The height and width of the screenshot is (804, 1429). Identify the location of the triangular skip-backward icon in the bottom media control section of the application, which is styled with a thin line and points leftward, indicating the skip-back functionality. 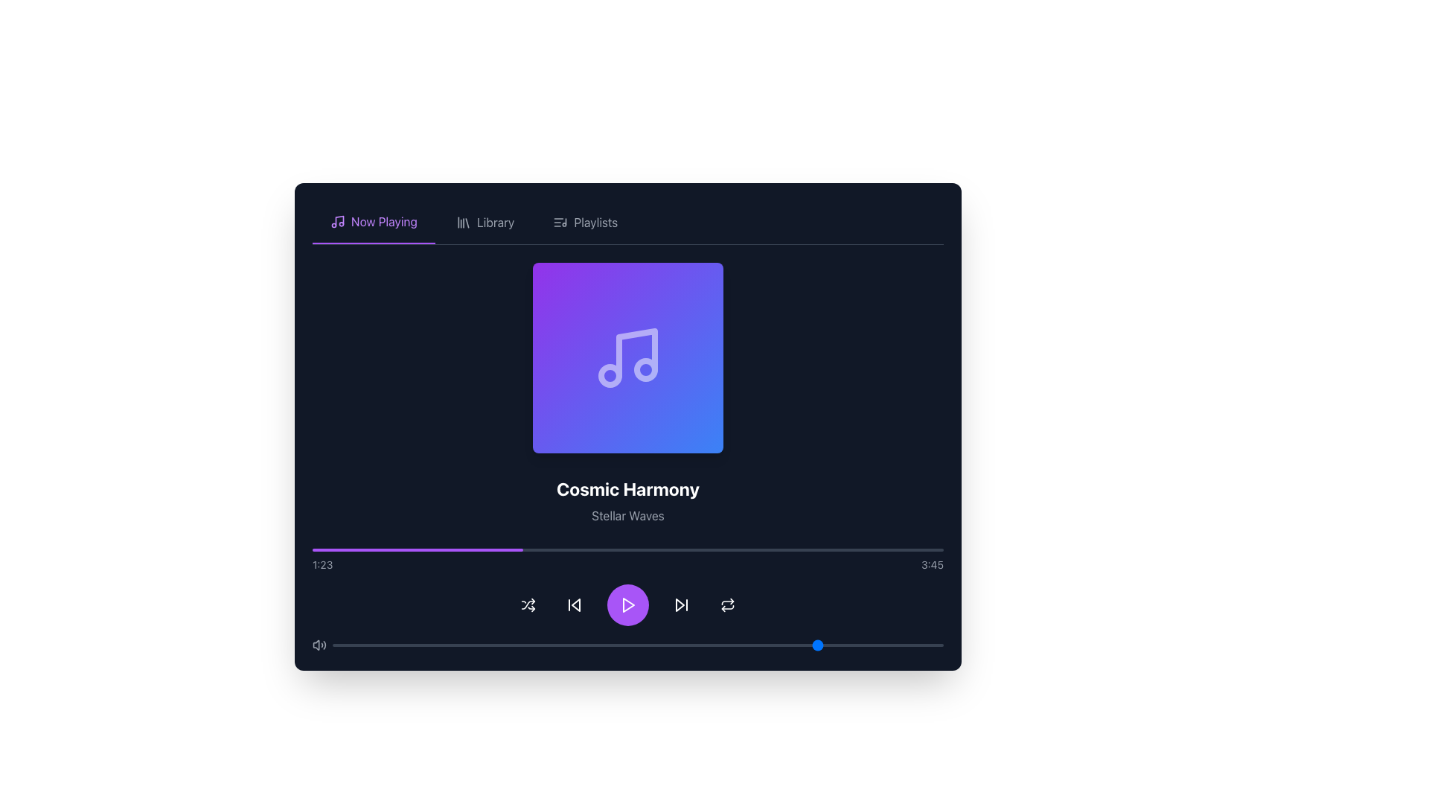
(575, 605).